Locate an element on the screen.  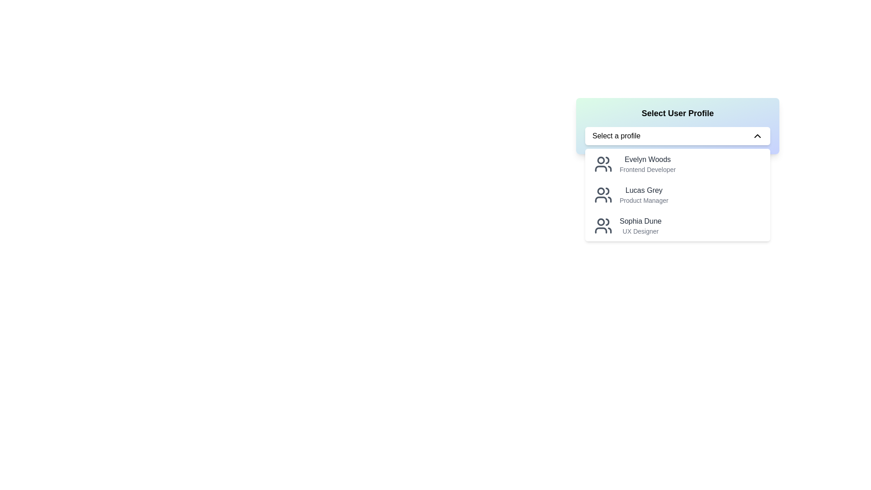
the text block entry for 'Sophia Dune' (UX Designer) in the dropdown menu labeled 'Select User Profile' is located at coordinates (640, 225).